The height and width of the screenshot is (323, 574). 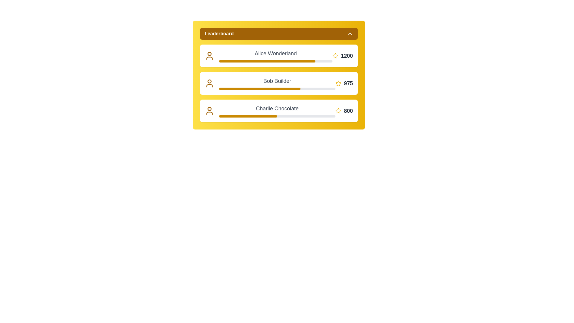 What do you see at coordinates (277, 89) in the screenshot?
I see `the yellow progress bar located under 'Bob Builder' in the leaderboard layout to potentially interact with it if enabled` at bounding box center [277, 89].